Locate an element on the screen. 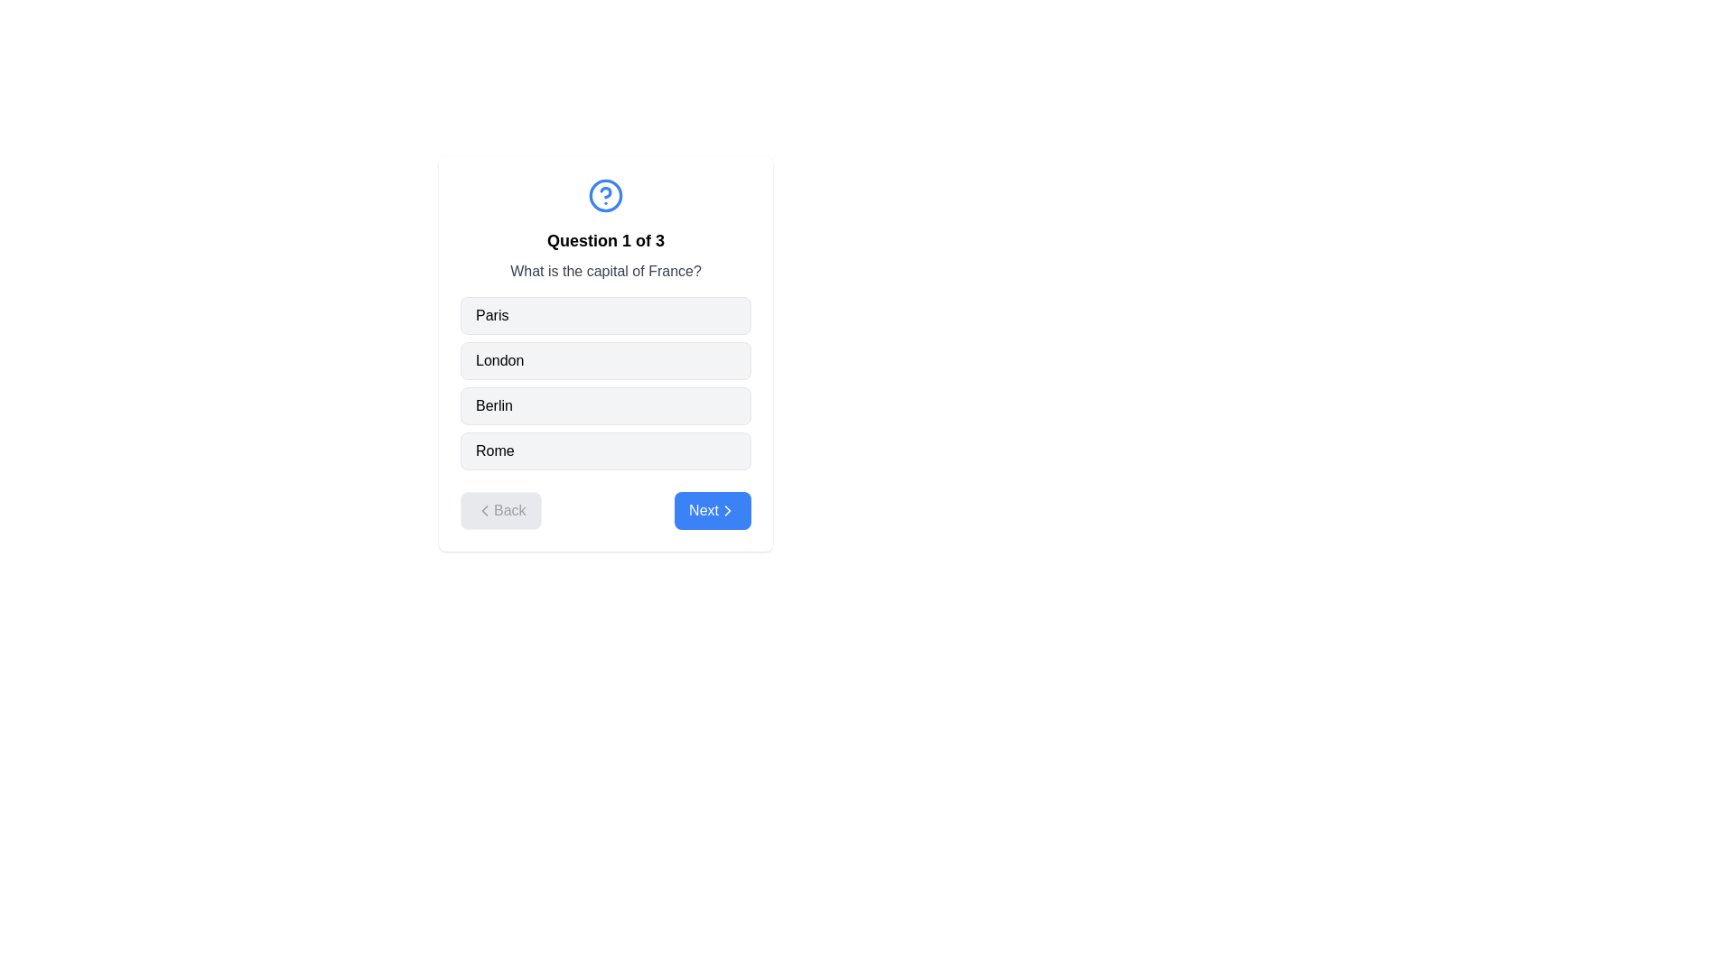 This screenshot has height=975, width=1734. the button labeled 'Paris' is located at coordinates (606, 315).